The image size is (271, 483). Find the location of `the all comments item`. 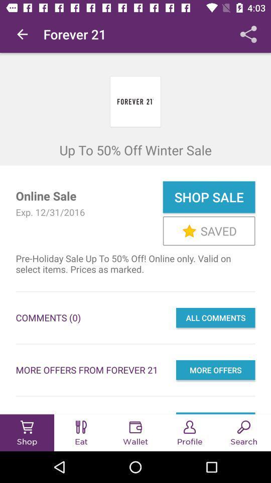

the all comments item is located at coordinates (215, 317).